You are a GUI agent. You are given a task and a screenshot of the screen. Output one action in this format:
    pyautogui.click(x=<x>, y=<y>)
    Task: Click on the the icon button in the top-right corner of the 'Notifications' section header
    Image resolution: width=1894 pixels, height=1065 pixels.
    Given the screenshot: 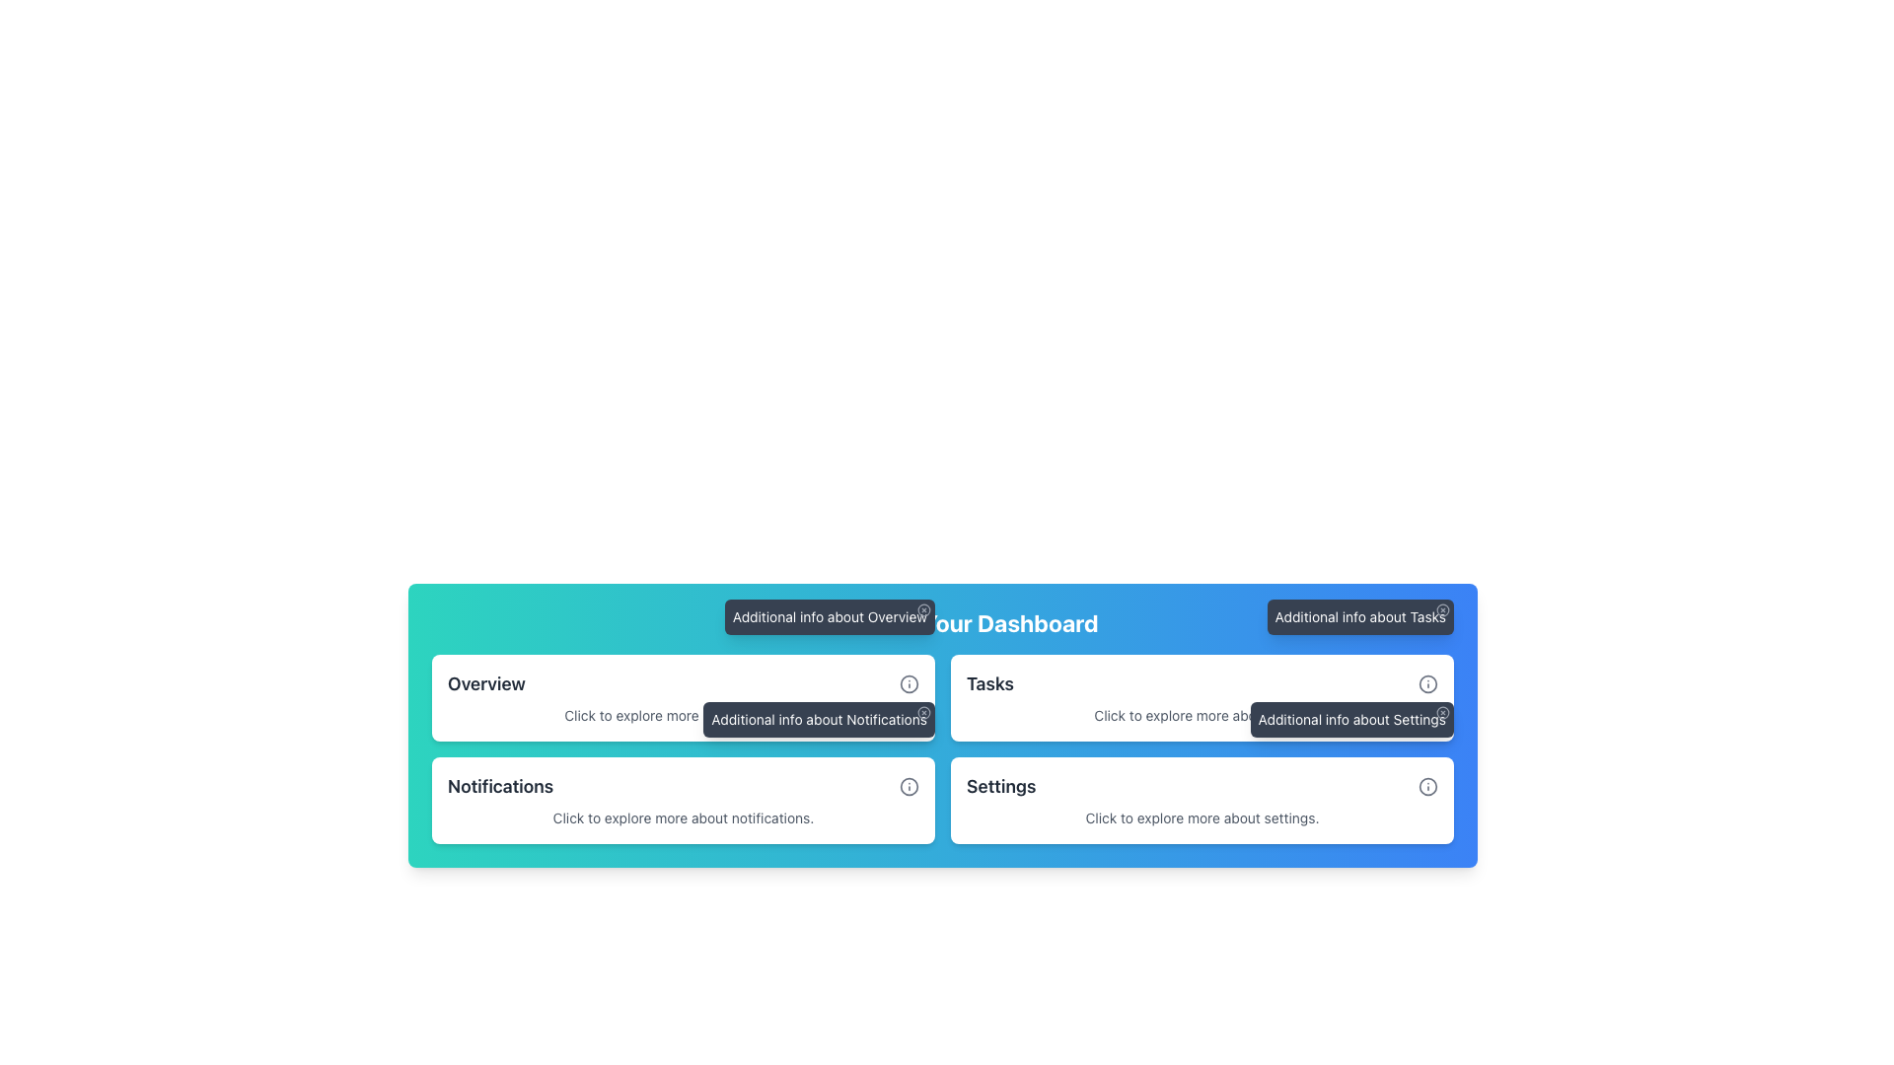 What is the action you would take?
    pyautogui.click(x=908, y=786)
    